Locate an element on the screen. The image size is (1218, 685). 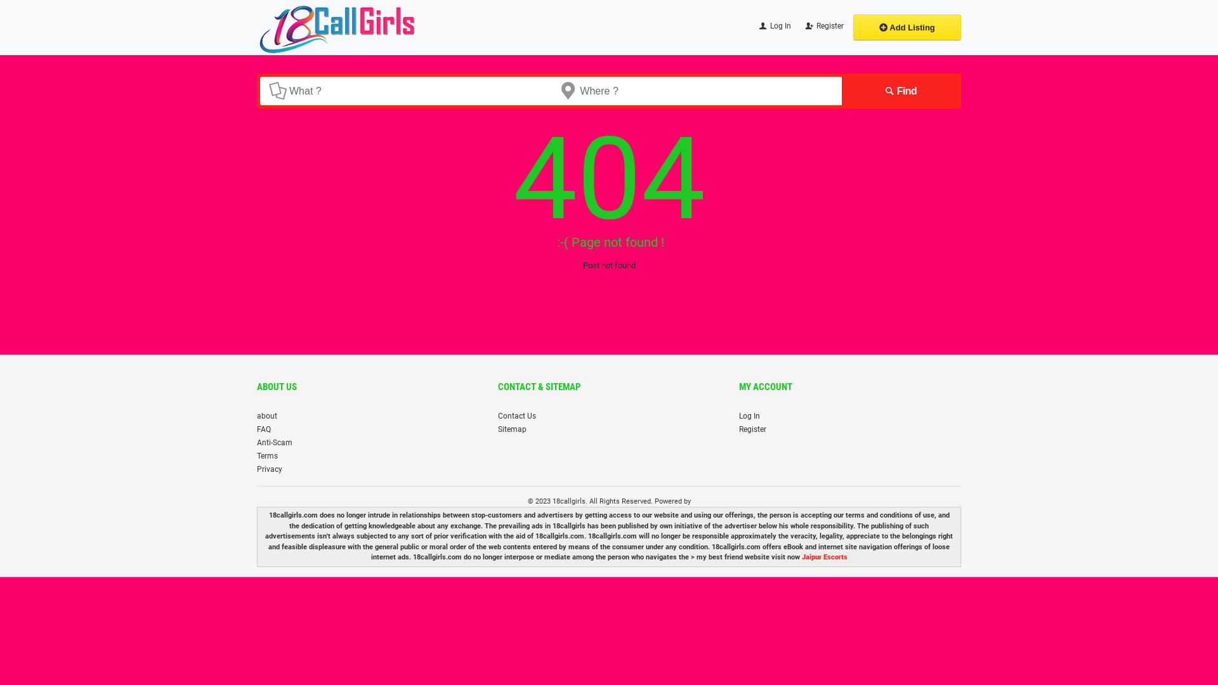
'FAQ' is located at coordinates (263, 429).